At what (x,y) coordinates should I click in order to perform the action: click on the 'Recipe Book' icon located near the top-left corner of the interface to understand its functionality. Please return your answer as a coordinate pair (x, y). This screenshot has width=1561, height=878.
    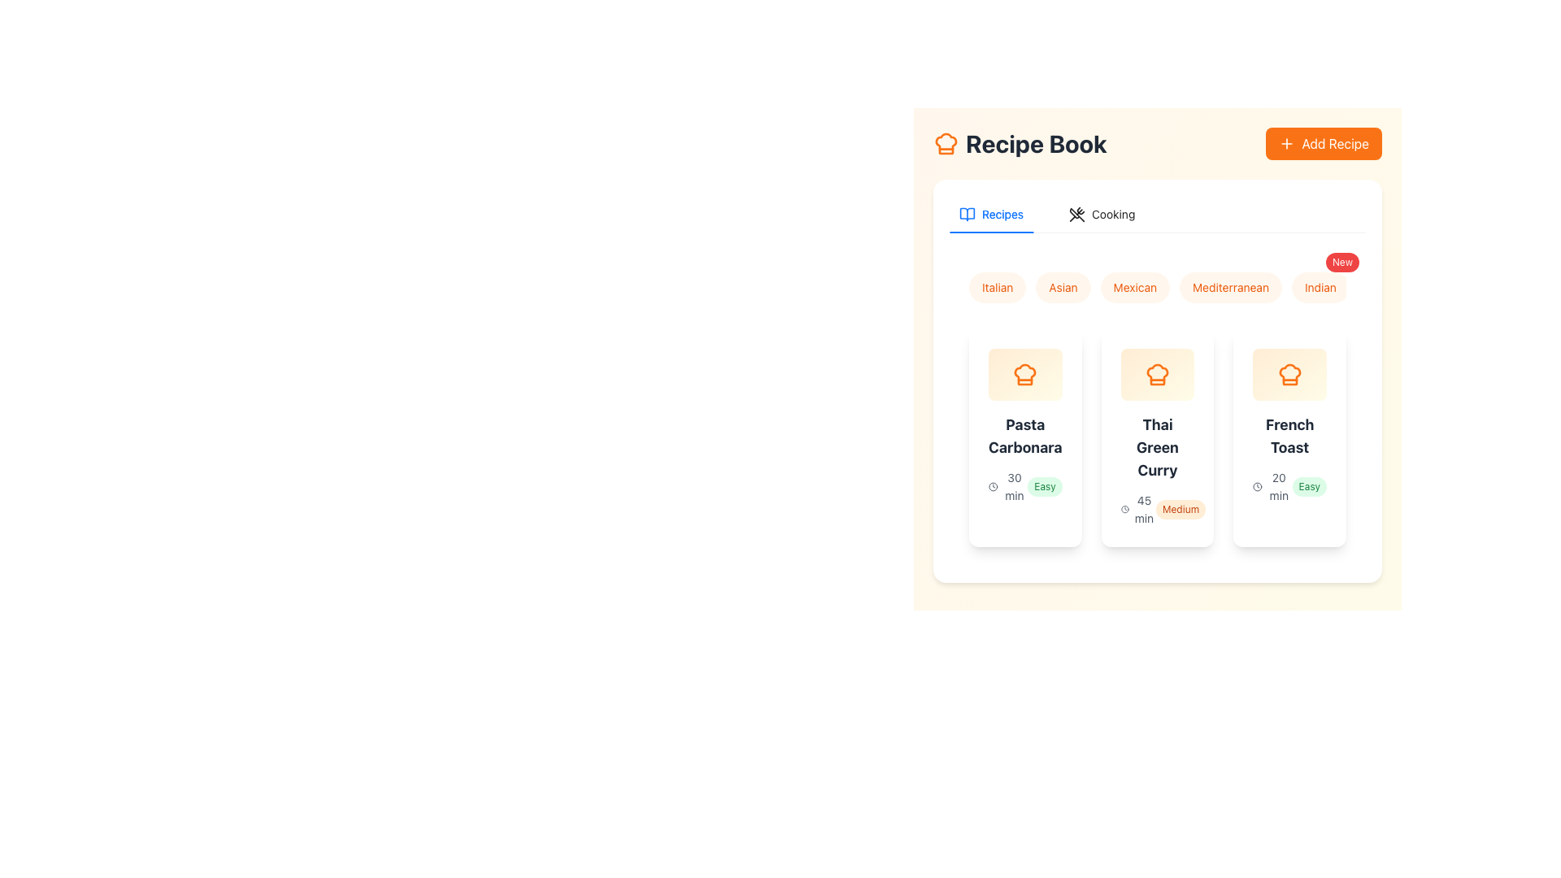
    Looking at the image, I should click on (1289, 375).